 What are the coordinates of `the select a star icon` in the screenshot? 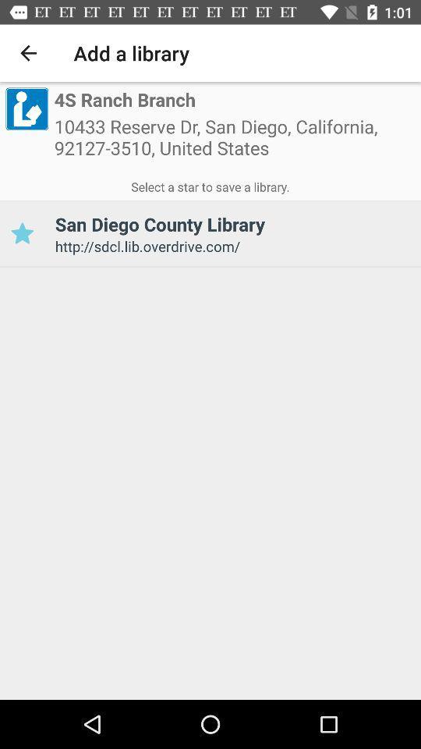 It's located at (210, 184).